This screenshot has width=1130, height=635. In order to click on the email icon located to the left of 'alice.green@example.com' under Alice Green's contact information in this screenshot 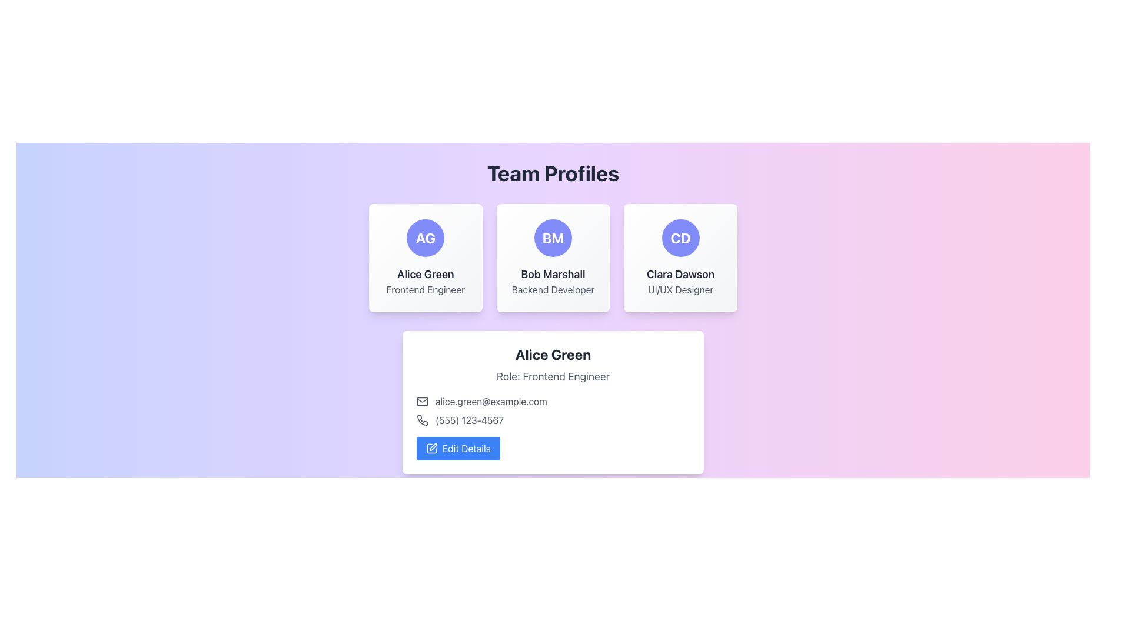, I will do `click(423, 400)`.